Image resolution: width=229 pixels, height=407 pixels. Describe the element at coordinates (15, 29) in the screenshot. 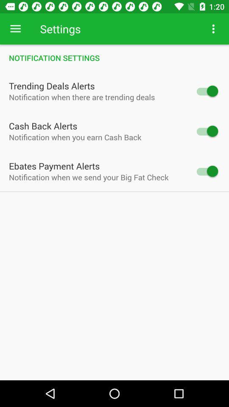

I see `item to the left of settings item` at that location.